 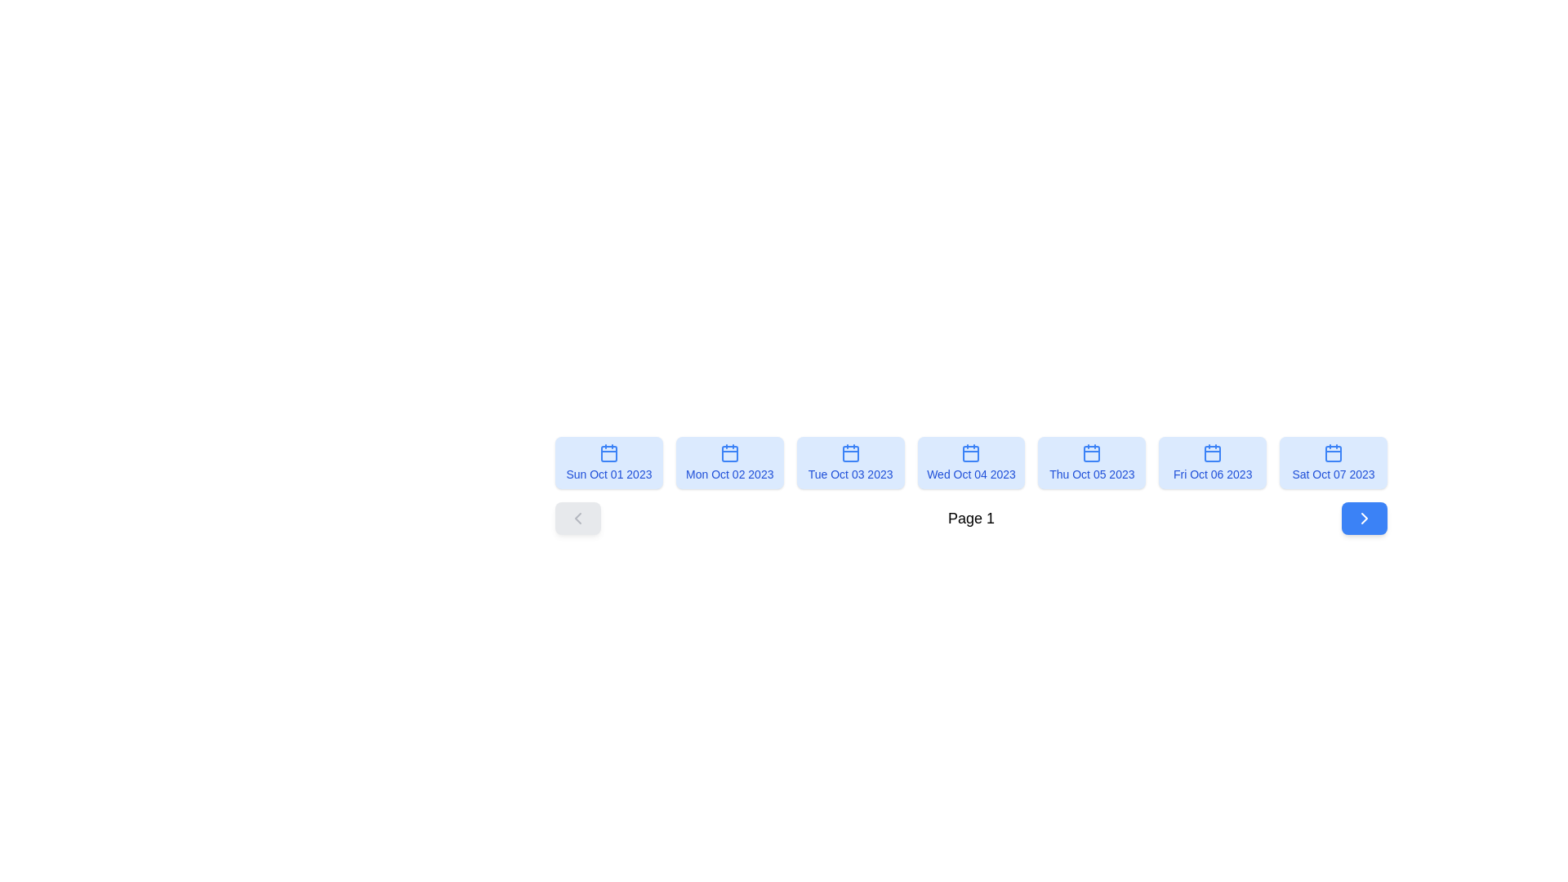 I want to click on the main body of the calendar icon within the date selector button, so click(x=728, y=453).